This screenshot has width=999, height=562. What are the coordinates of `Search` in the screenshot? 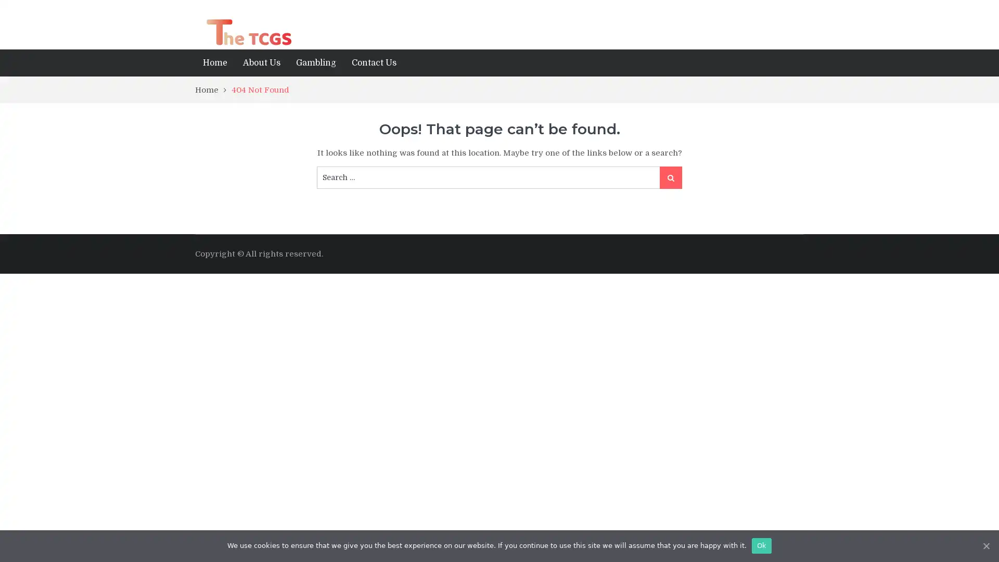 It's located at (671, 177).